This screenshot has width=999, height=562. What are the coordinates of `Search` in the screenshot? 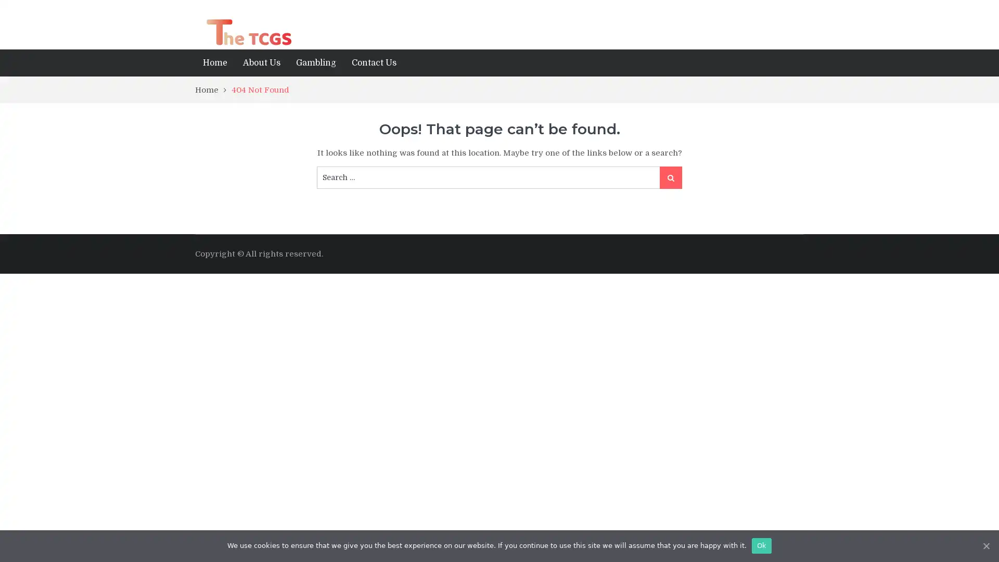 It's located at (671, 177).